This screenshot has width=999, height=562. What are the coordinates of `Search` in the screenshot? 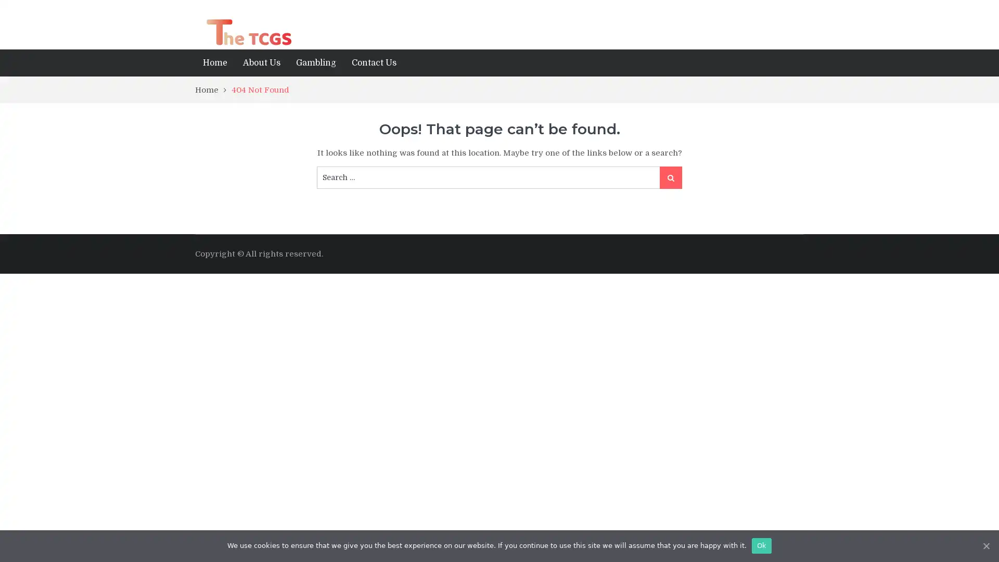 It's located at (671, 177).